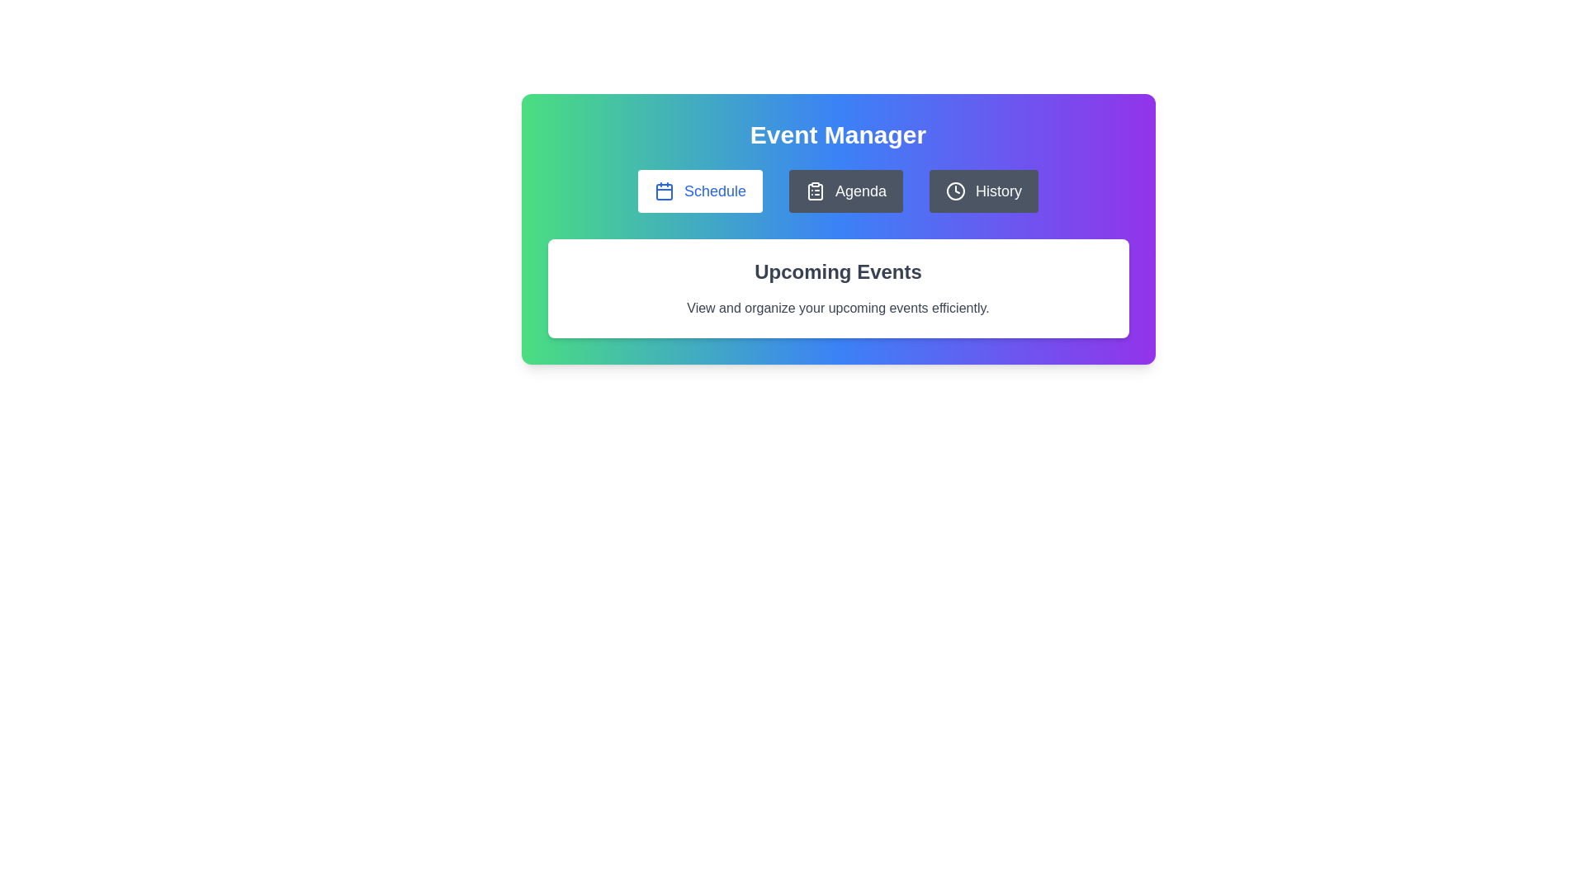 The width and height of the screenshot is (1585, 891). I want to click on the decorative vector graphic element of the 'Agenda' icon located between the 'Schedule' and 'History' buttons, so click(816, 191).